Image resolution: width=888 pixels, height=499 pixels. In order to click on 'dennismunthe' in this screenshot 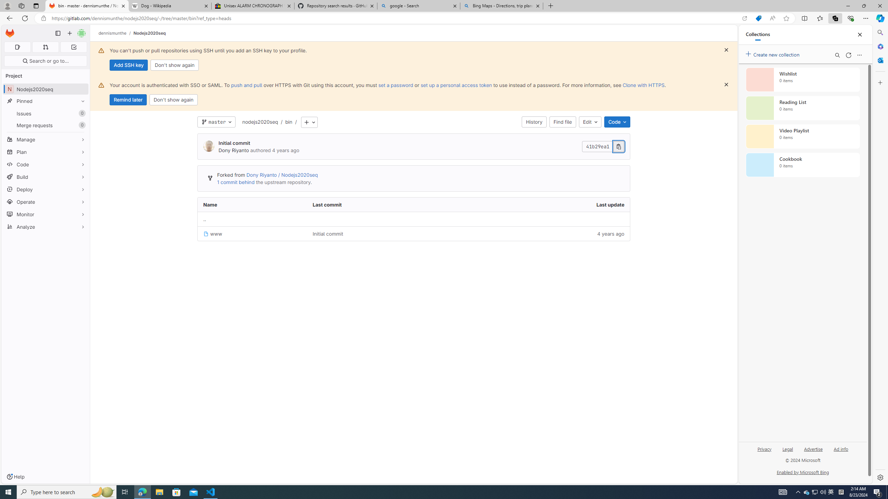, I will do `click(113, 33)`.